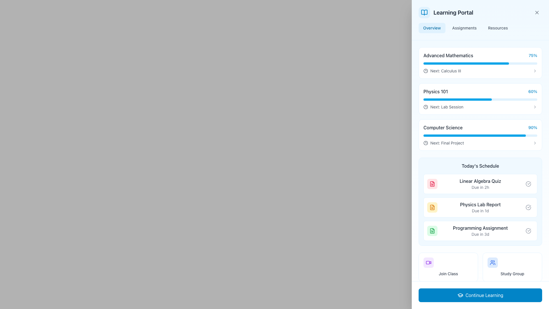  What do you see at coordinates (528, 207) in the screenshot?
I see `the state indicated by the circular icon with a checkmark symbol located to the right of the 'Physics Lab Report' entry in the 'Today's Schedule' section` at bounding box center [528, 207].